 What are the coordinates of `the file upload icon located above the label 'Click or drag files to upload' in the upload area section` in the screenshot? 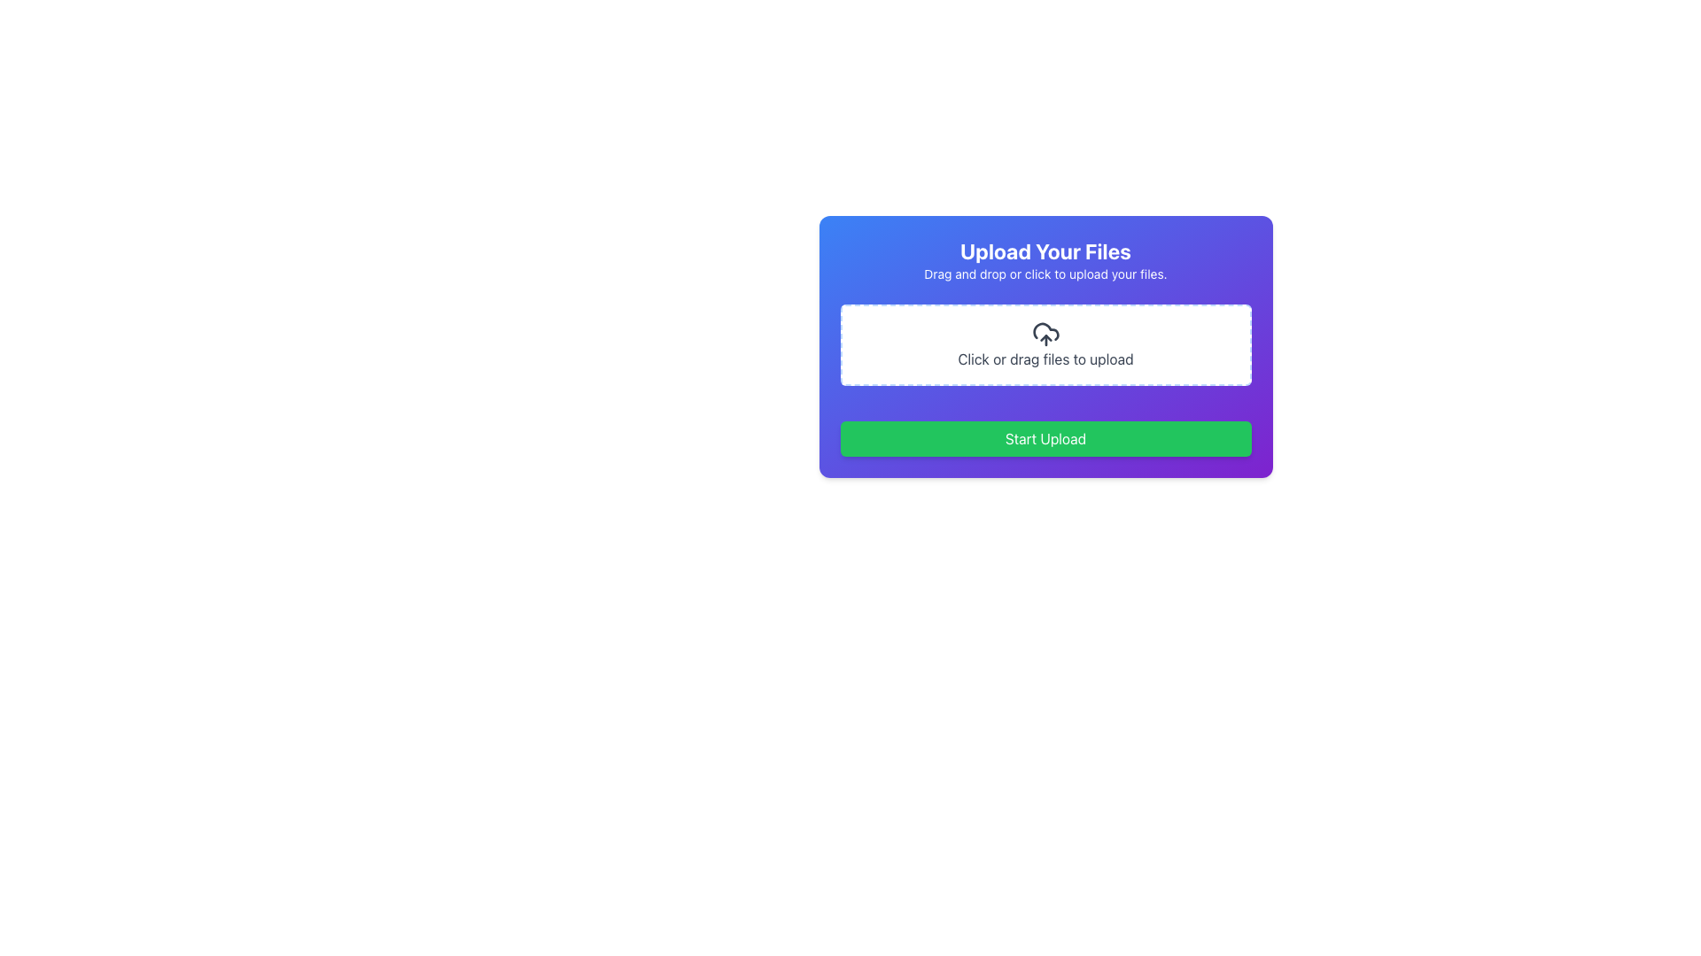 It's located at (1045, 335).